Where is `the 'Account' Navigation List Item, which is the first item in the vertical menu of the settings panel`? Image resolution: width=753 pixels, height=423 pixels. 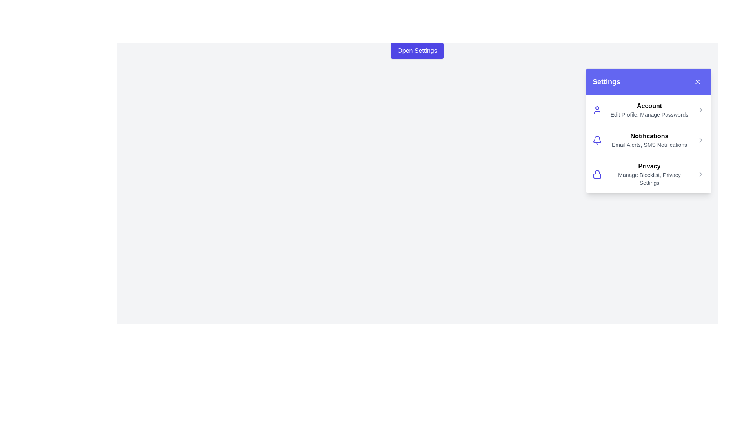 the 'Account' Navigation List Item, which is the first item in the vertical menu of the settings panel is located at coordinates (649, 110).